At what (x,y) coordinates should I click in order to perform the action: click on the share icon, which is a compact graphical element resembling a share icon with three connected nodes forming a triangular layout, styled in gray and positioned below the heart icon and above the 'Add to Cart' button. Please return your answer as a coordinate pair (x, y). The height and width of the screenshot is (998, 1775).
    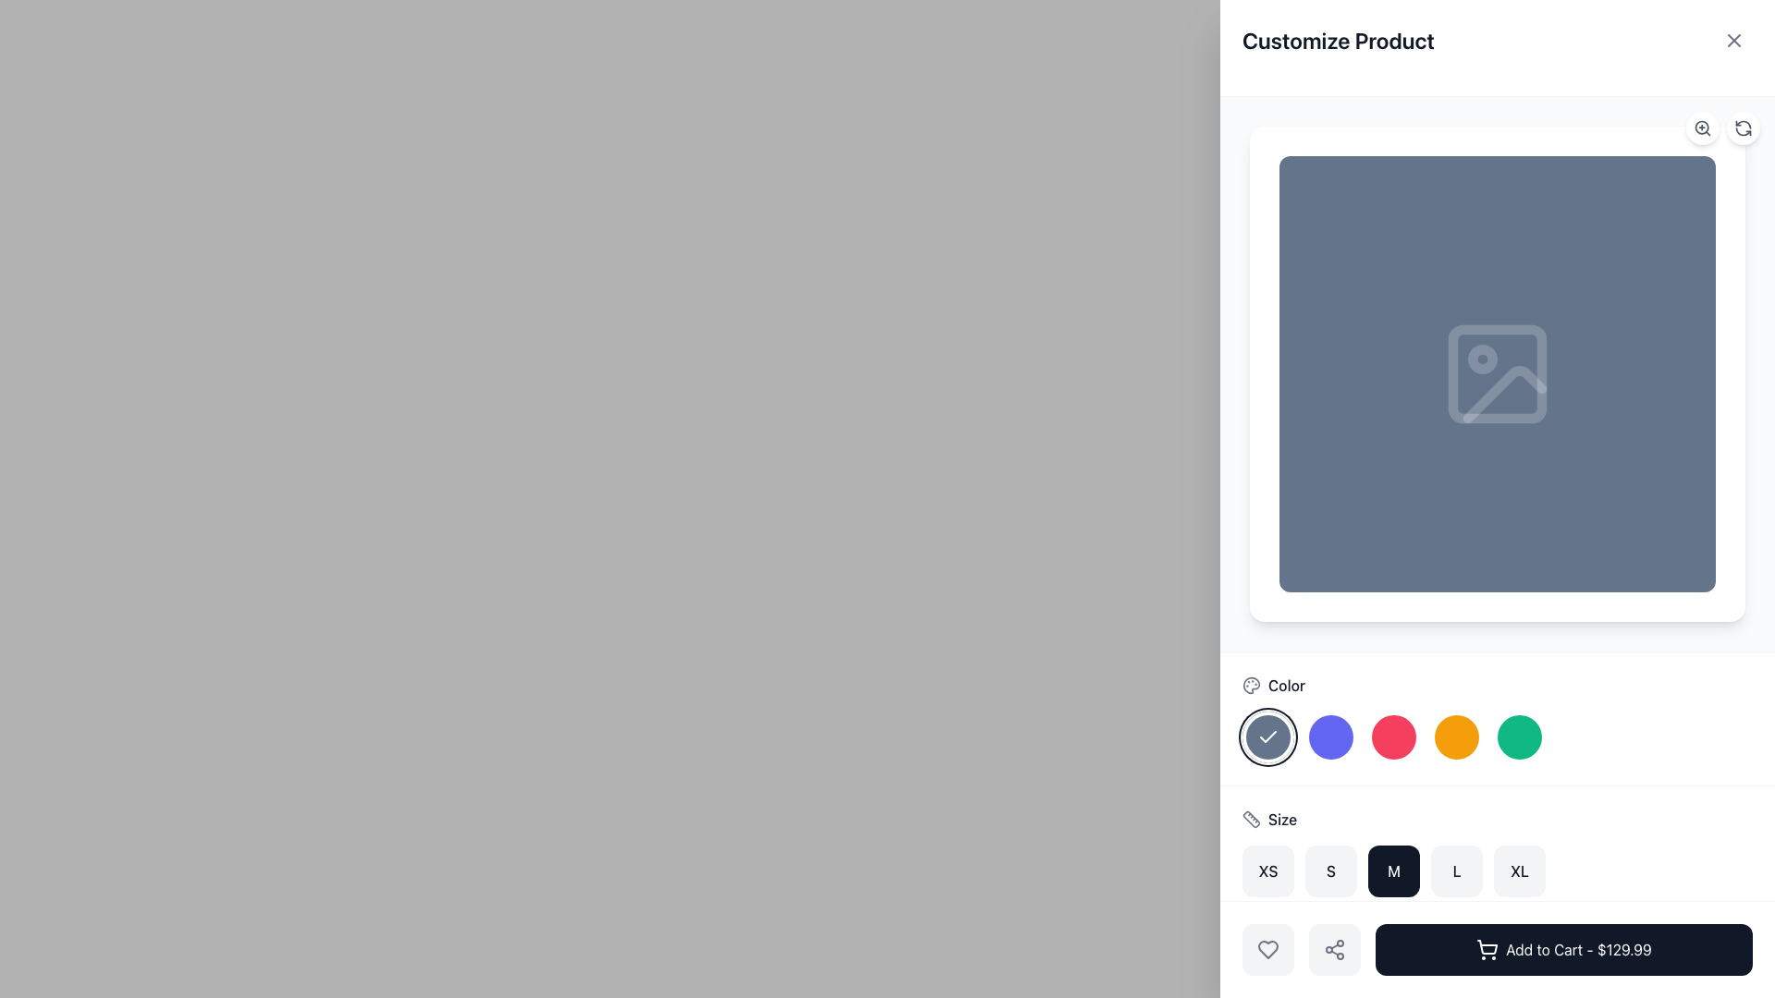
    Looking at the image, I should click on (1335, 950).